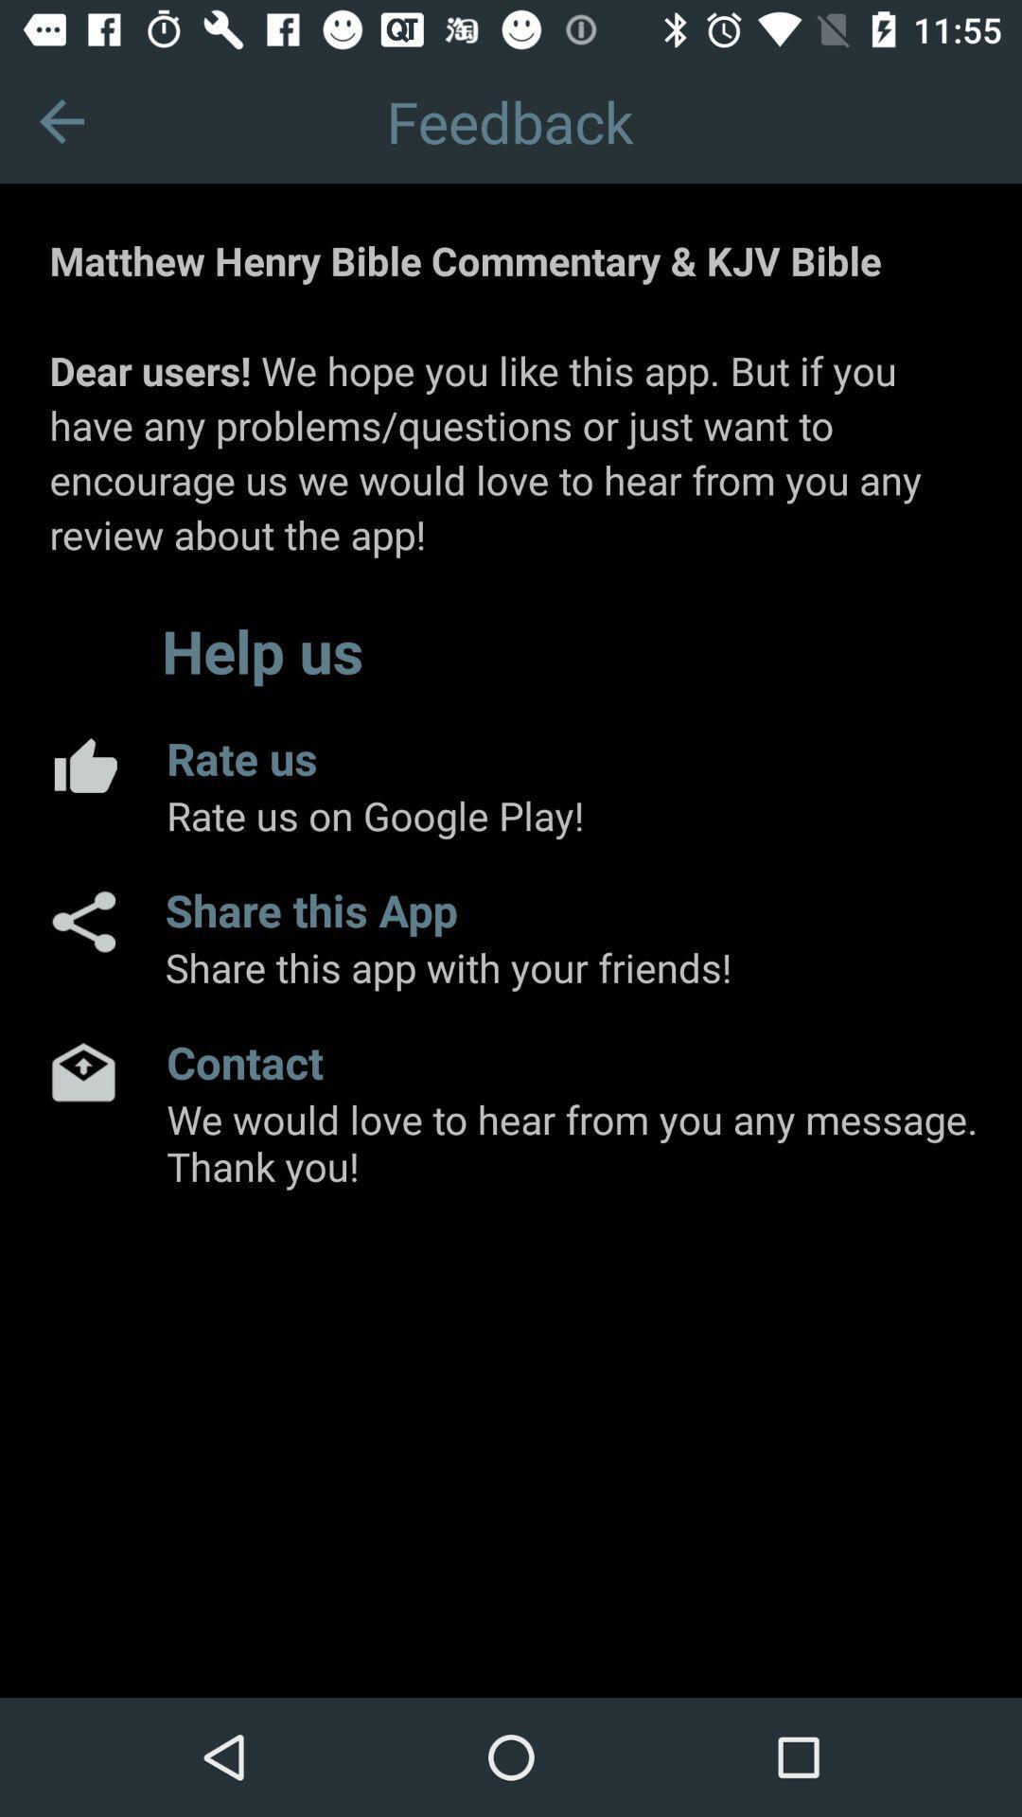  I want to click on email, so click(82, 1071).